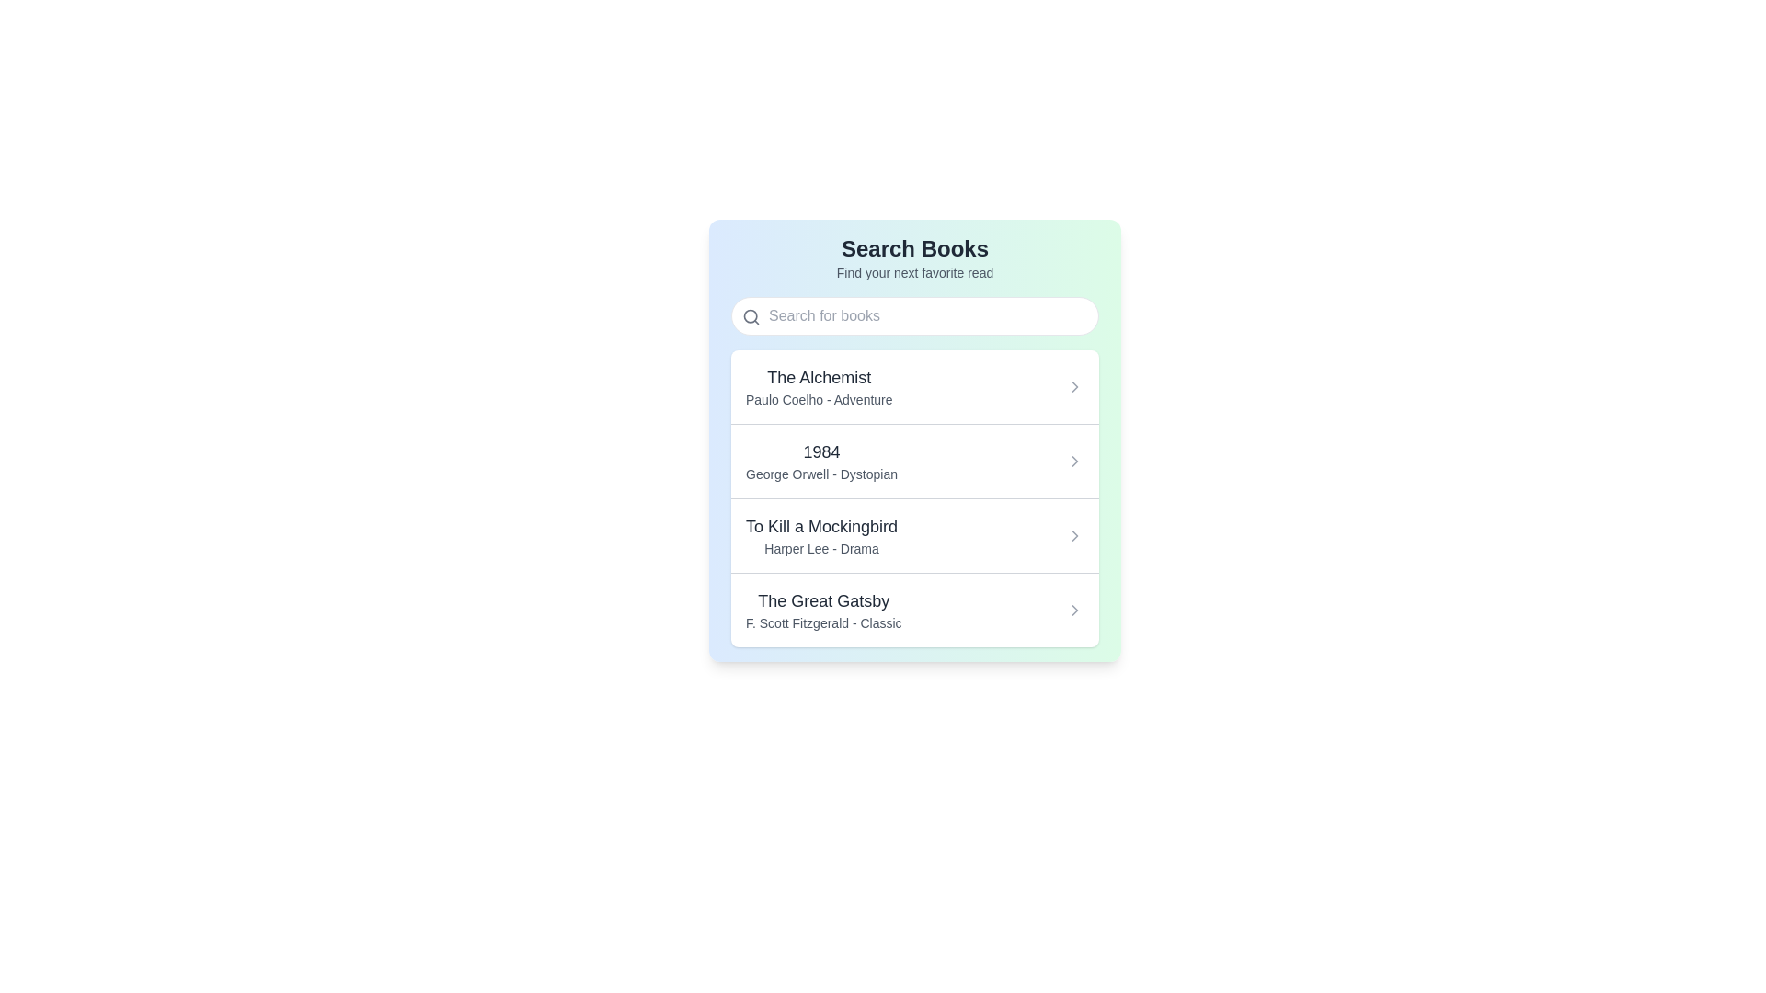  I want to click on the gray magnifying glass icon, which is located at the top-left corner of the search input field within the search section, so click(751, 315).